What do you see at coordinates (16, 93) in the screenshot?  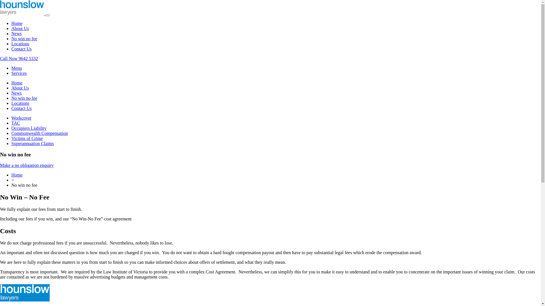 I see `'News'` at bounding box center [16, 93].